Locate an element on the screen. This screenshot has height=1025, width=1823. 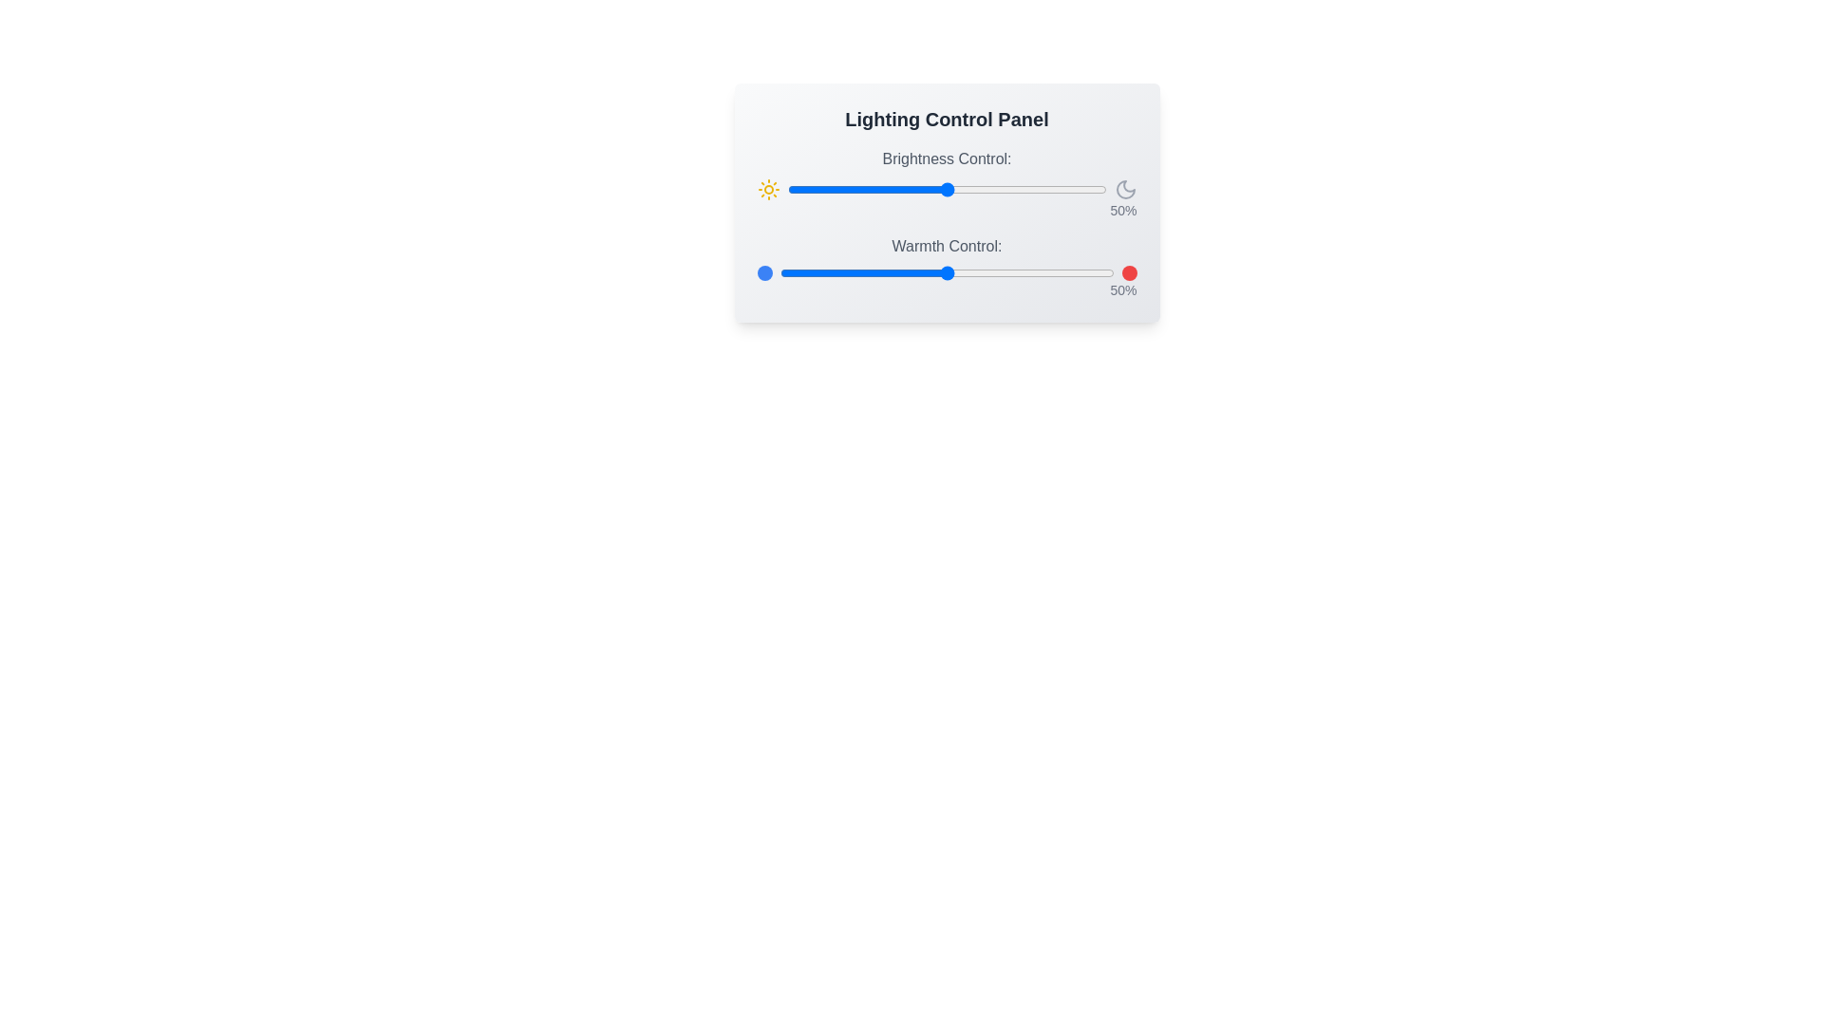
brightness is located at coordinates (1061, 190).